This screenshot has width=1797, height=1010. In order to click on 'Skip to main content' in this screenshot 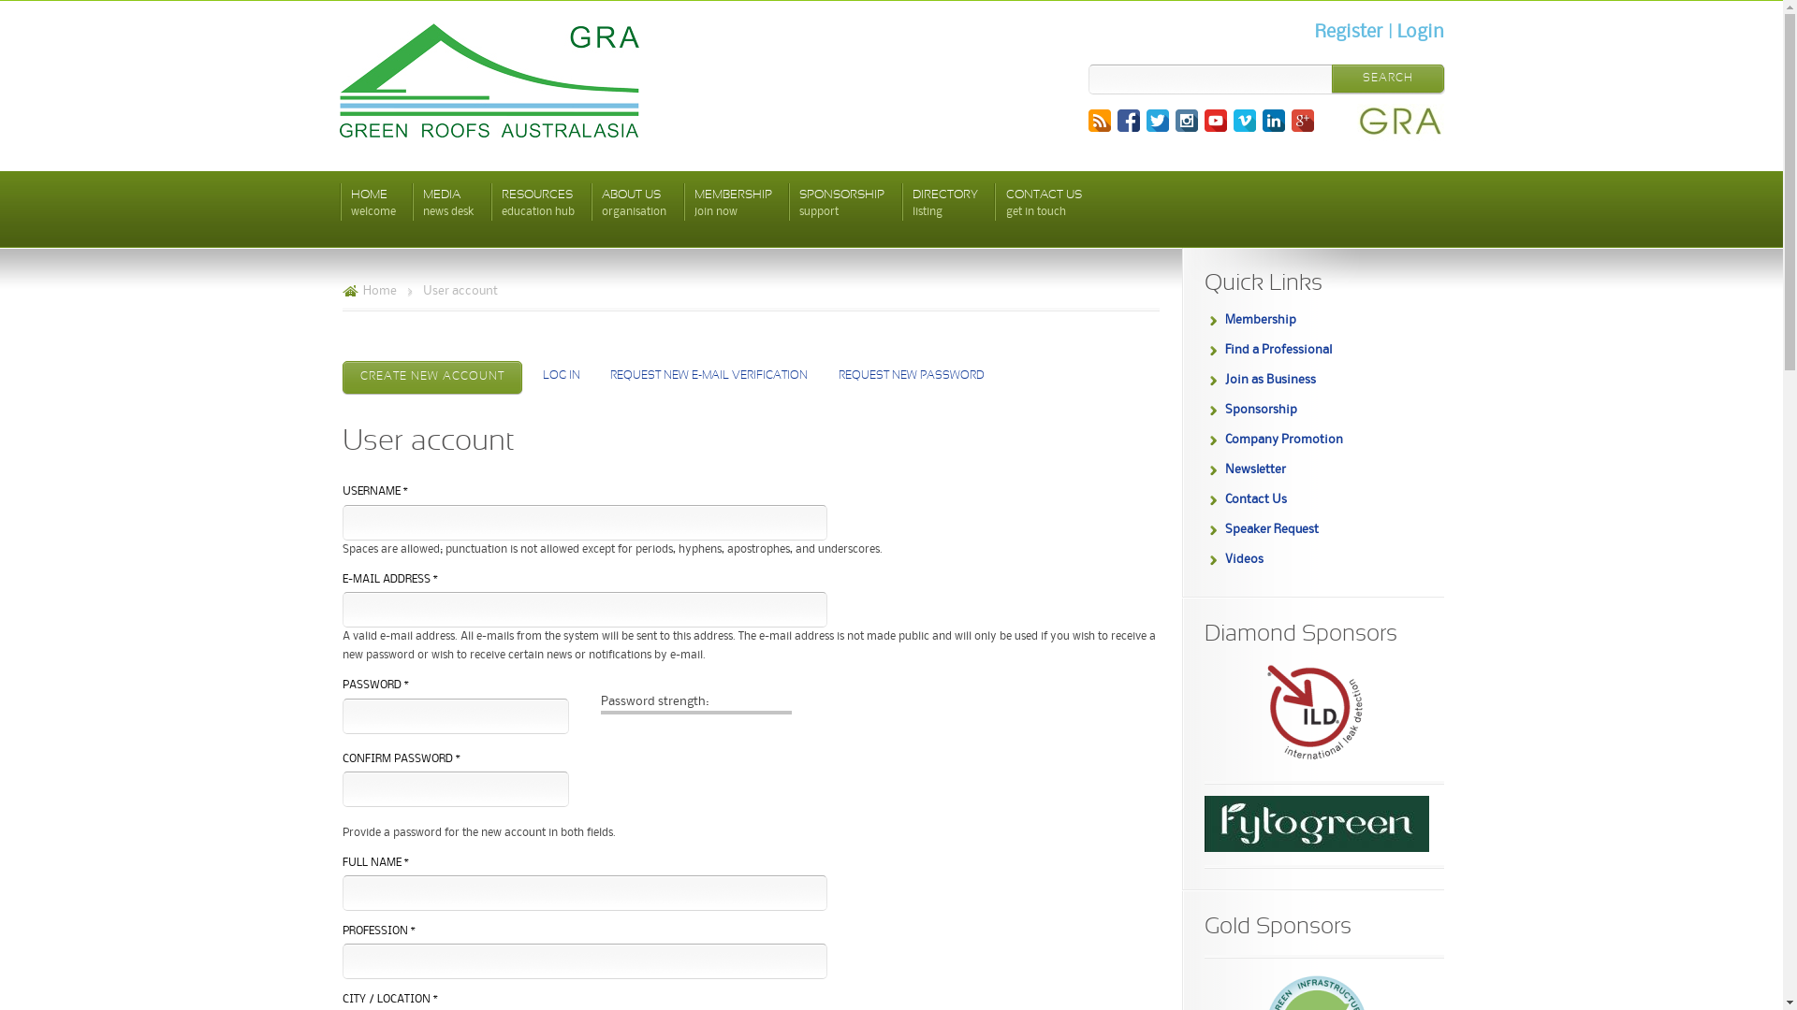, I will do `click(864, 2)`.